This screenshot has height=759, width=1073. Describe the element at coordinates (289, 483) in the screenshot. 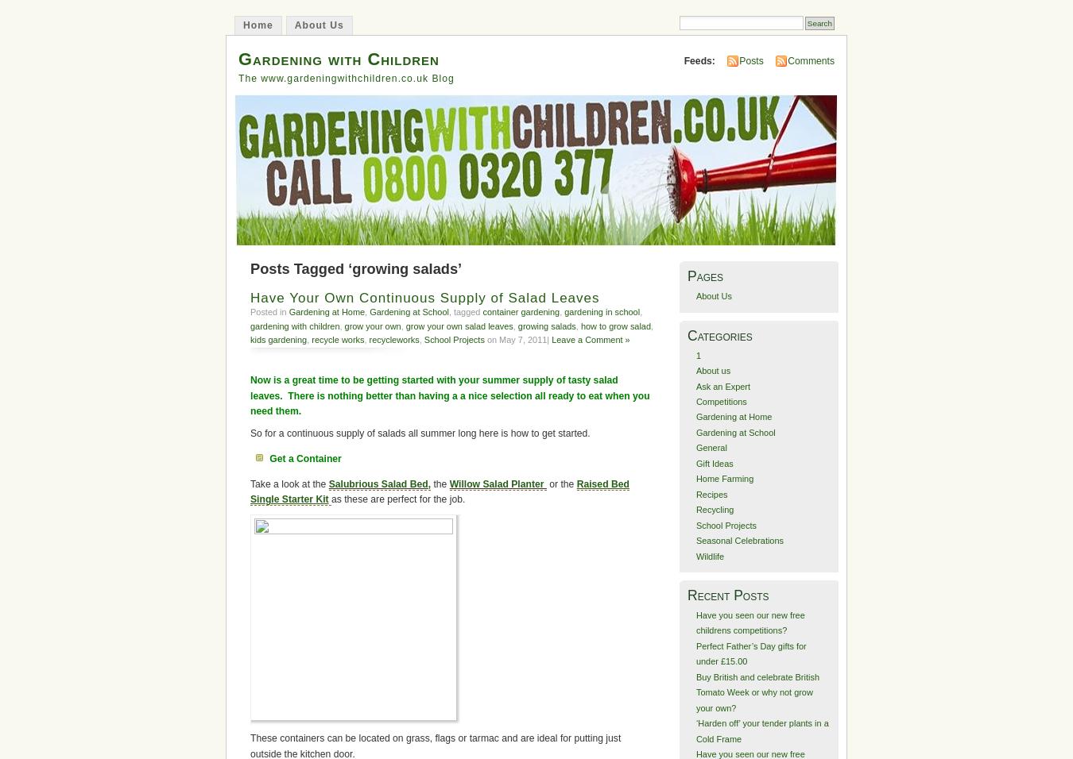

I see `'Take a look at the'` at that location.